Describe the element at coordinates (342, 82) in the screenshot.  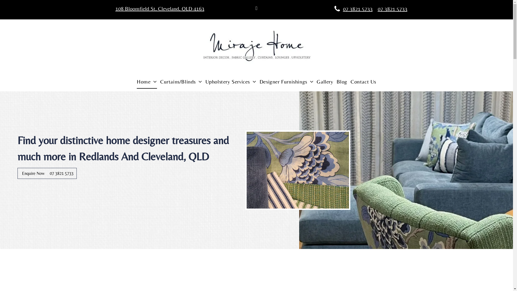
I see `'Blog'` at that location.